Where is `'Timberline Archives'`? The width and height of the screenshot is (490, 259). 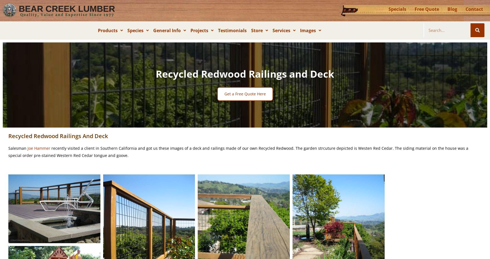 'Timberline Archives' is located at coordinates (181, 82).